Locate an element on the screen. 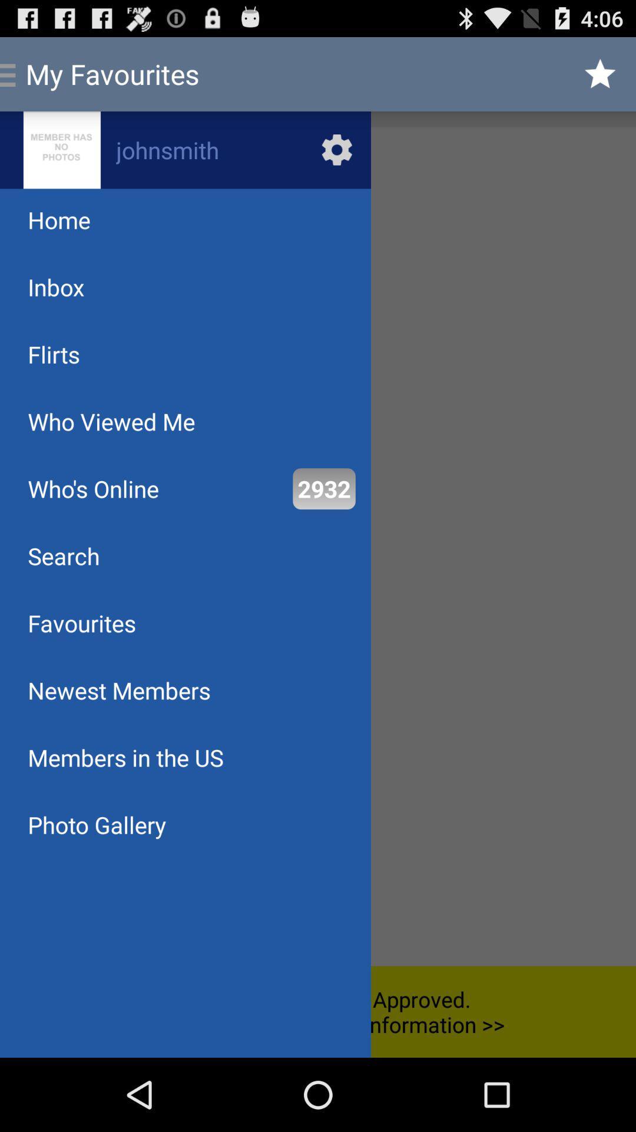 The image size is (636, 1132). show or hide menu is located at coordinates (318, 546).